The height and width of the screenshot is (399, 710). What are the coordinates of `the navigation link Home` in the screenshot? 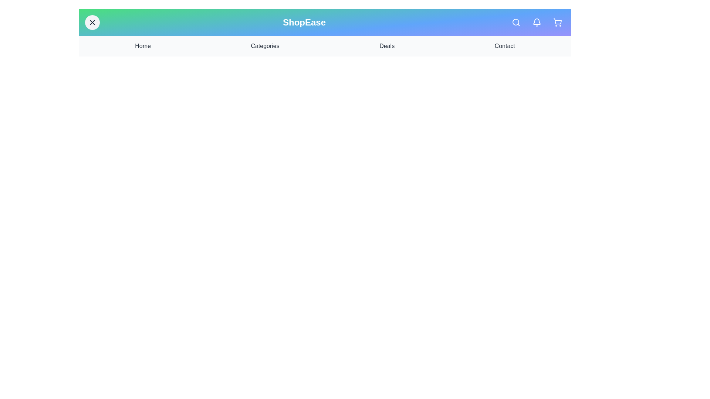 It's located at (142, 46).